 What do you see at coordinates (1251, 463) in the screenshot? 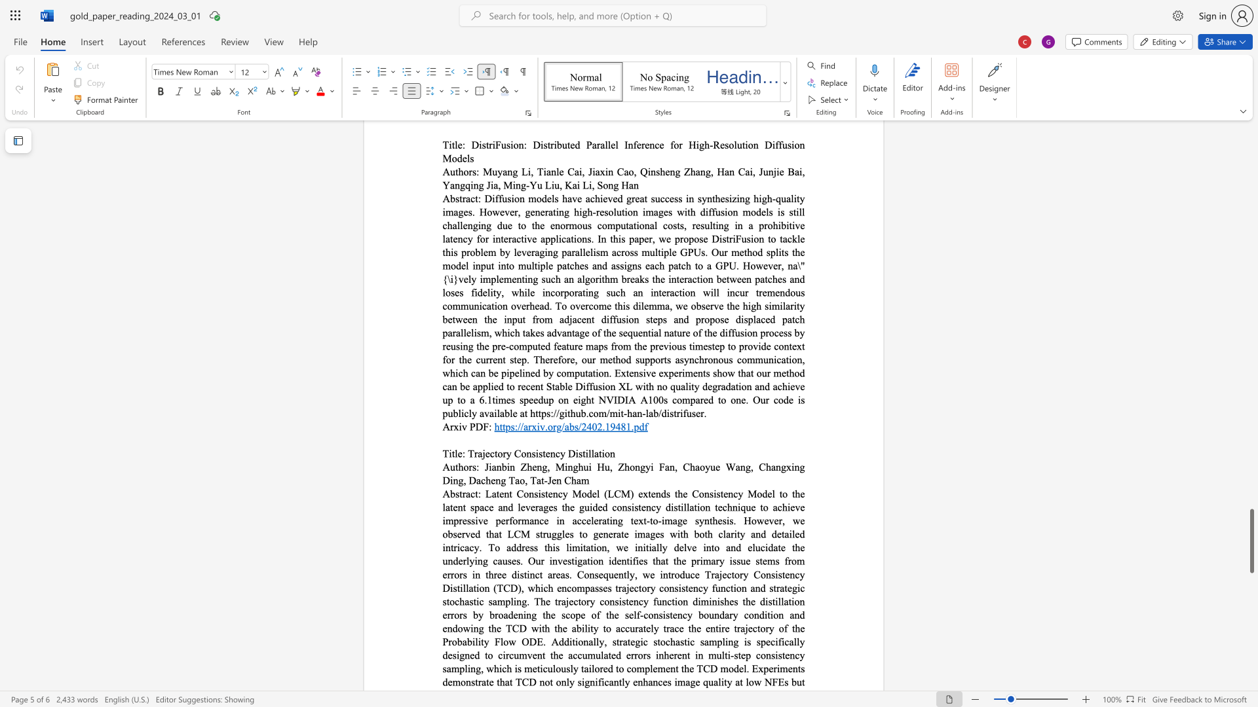
I see `the scrollbar on the right to shift the page higher` at bounding box center [1251, 463].